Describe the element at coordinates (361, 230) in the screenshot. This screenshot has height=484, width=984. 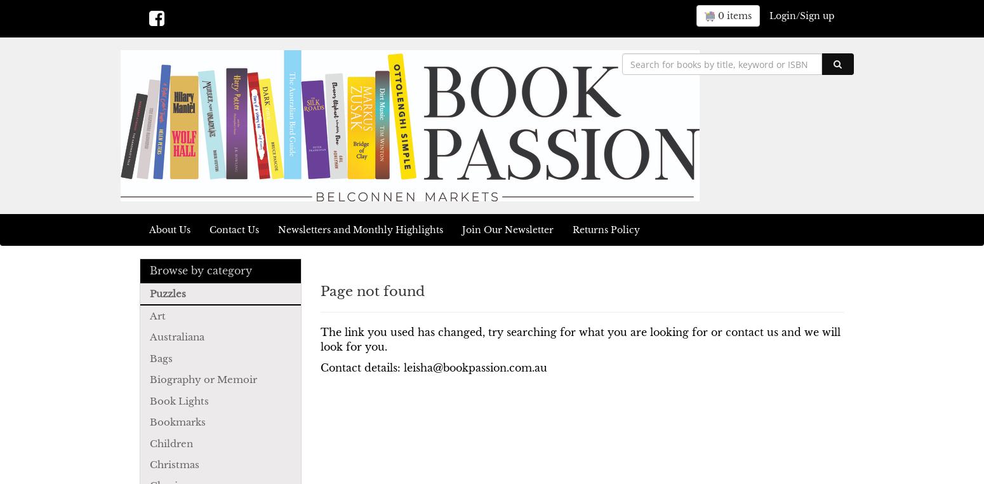
I see `'Newsletters and Monthly Highlights'` at that location.